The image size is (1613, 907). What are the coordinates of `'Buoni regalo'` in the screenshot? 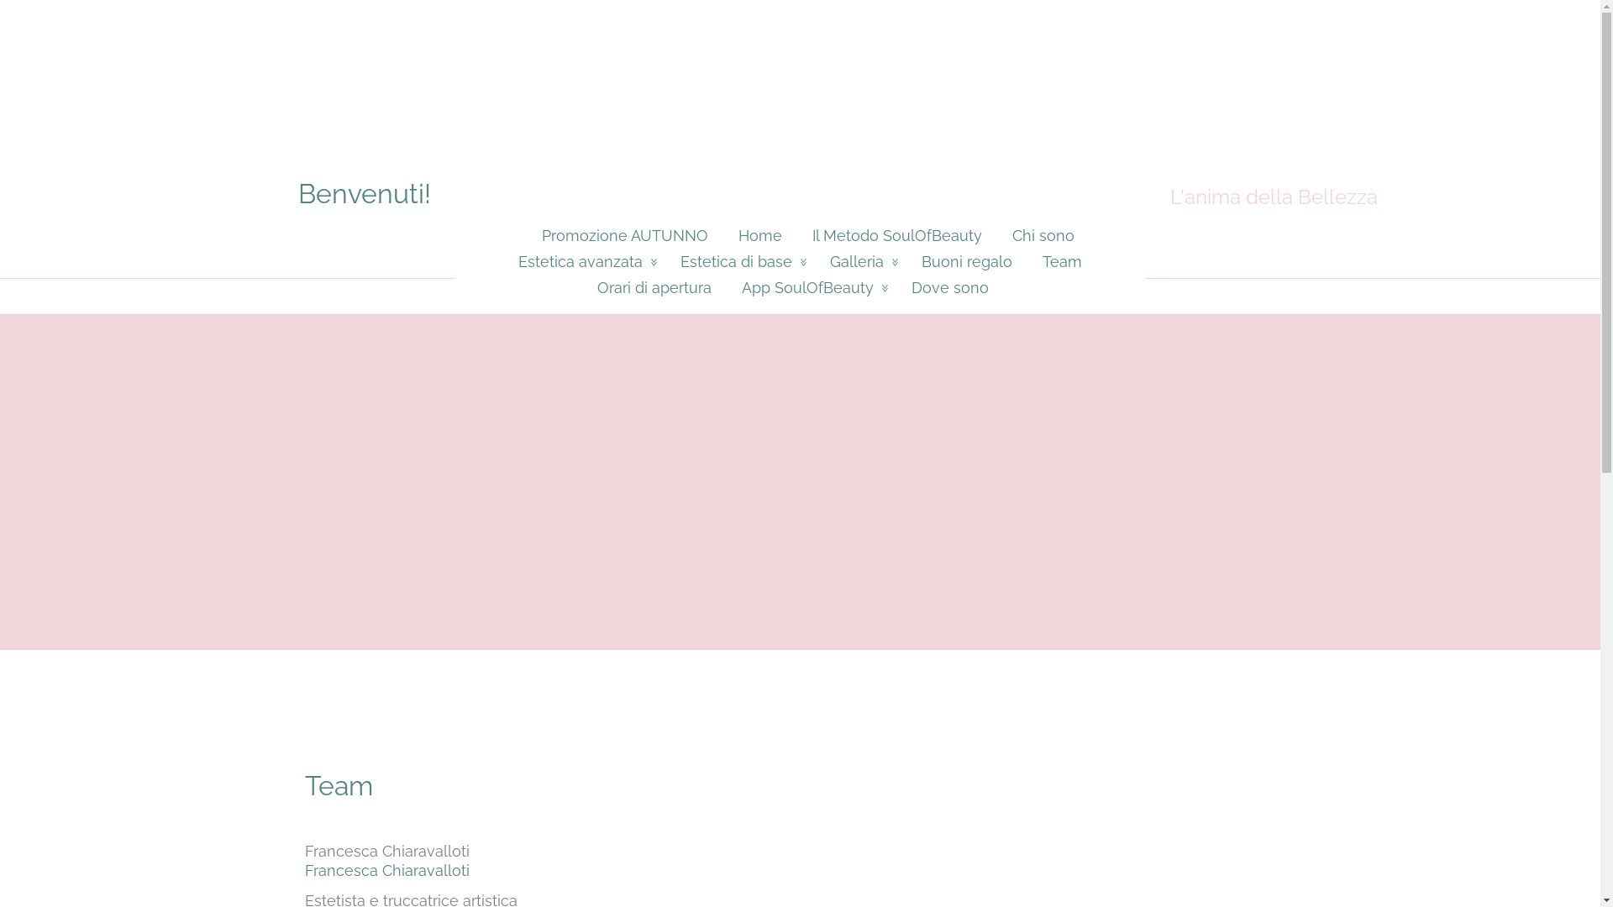 It's located at (967, 261).